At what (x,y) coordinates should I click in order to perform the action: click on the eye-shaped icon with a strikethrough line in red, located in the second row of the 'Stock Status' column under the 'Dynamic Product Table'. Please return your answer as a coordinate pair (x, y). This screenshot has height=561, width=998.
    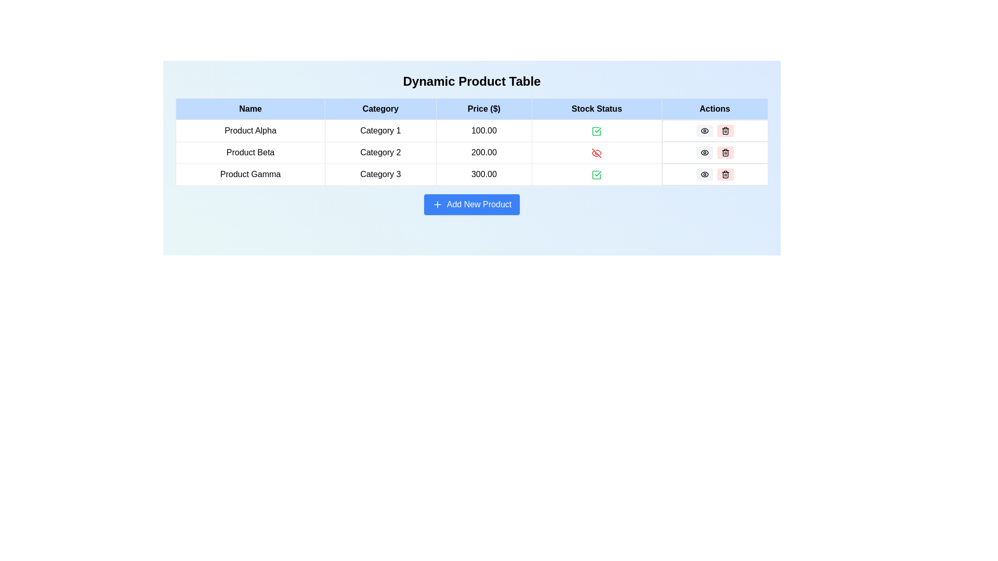
    Looking at the image, I should click on (597, 153).